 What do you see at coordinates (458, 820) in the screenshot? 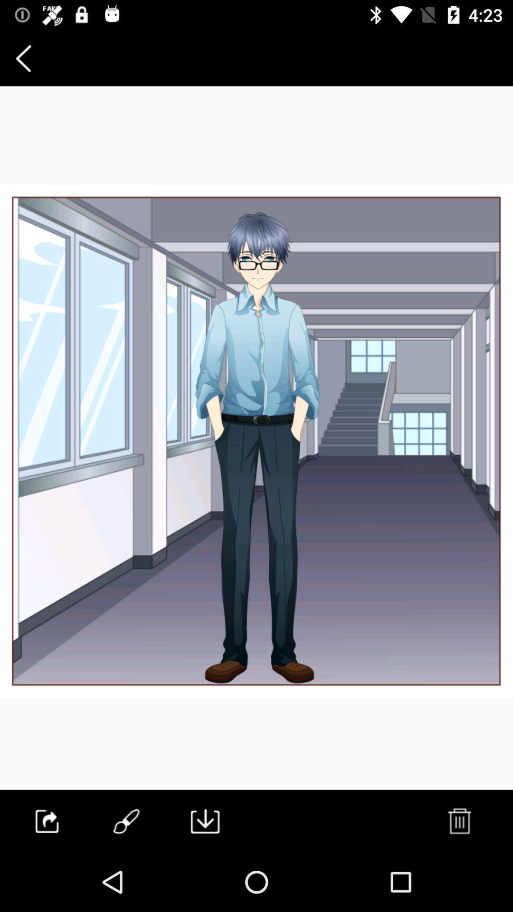
I see `the delete icon` at bounding box center [458, 820].